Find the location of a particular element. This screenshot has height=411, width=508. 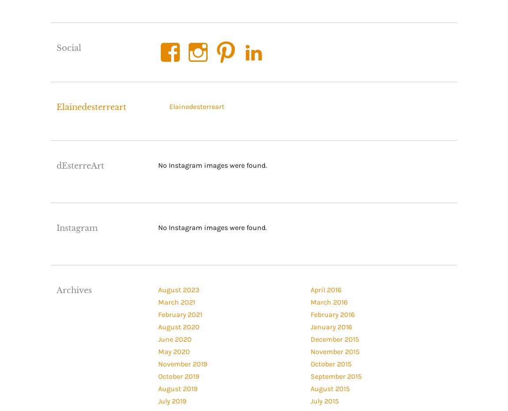

'November 2015' is located at coordinates (309, 351).